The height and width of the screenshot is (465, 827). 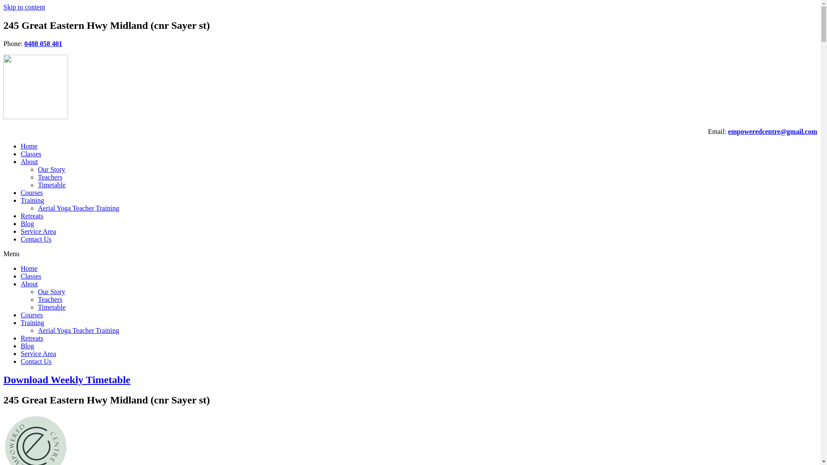 I want to click on '0488 058 401', so click(x=43, y=43).